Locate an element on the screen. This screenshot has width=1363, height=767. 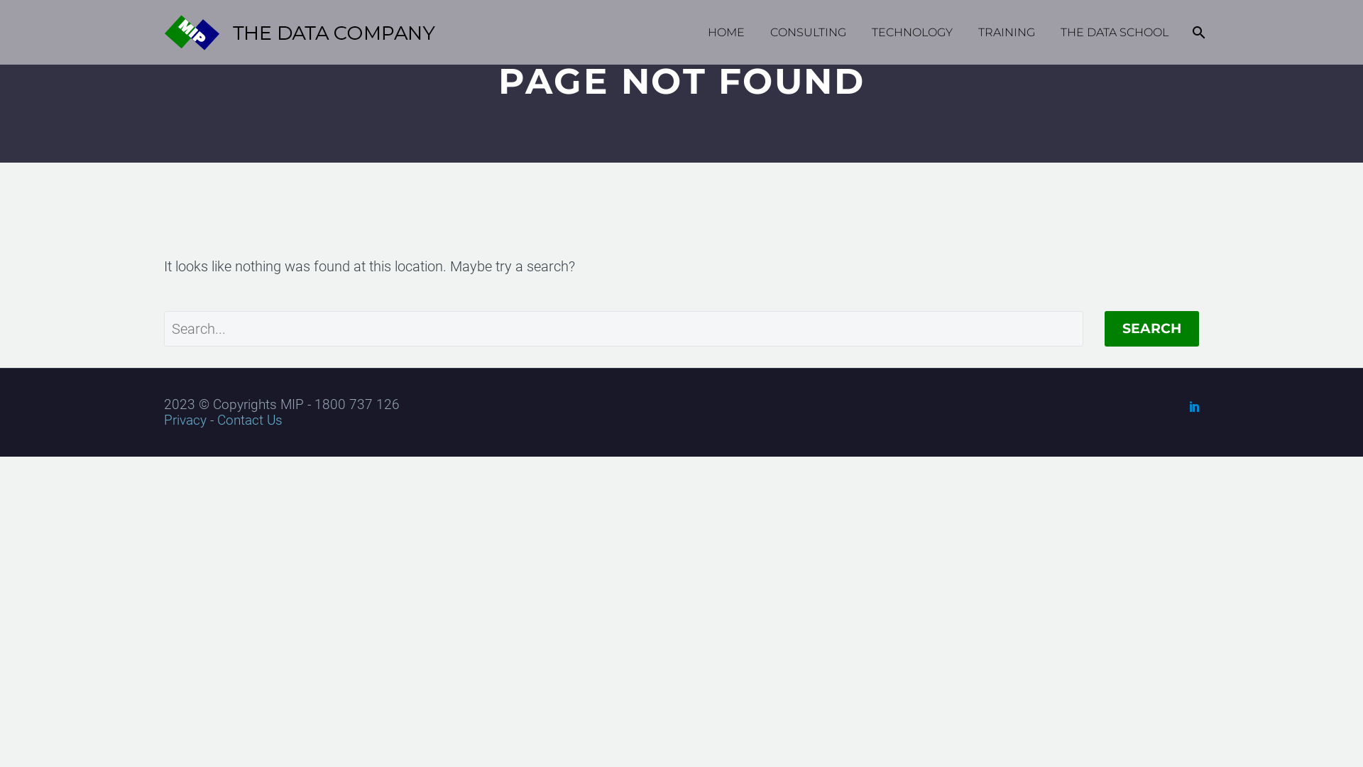
'TECHNOLOGY' is located at coordinates (912, 32).